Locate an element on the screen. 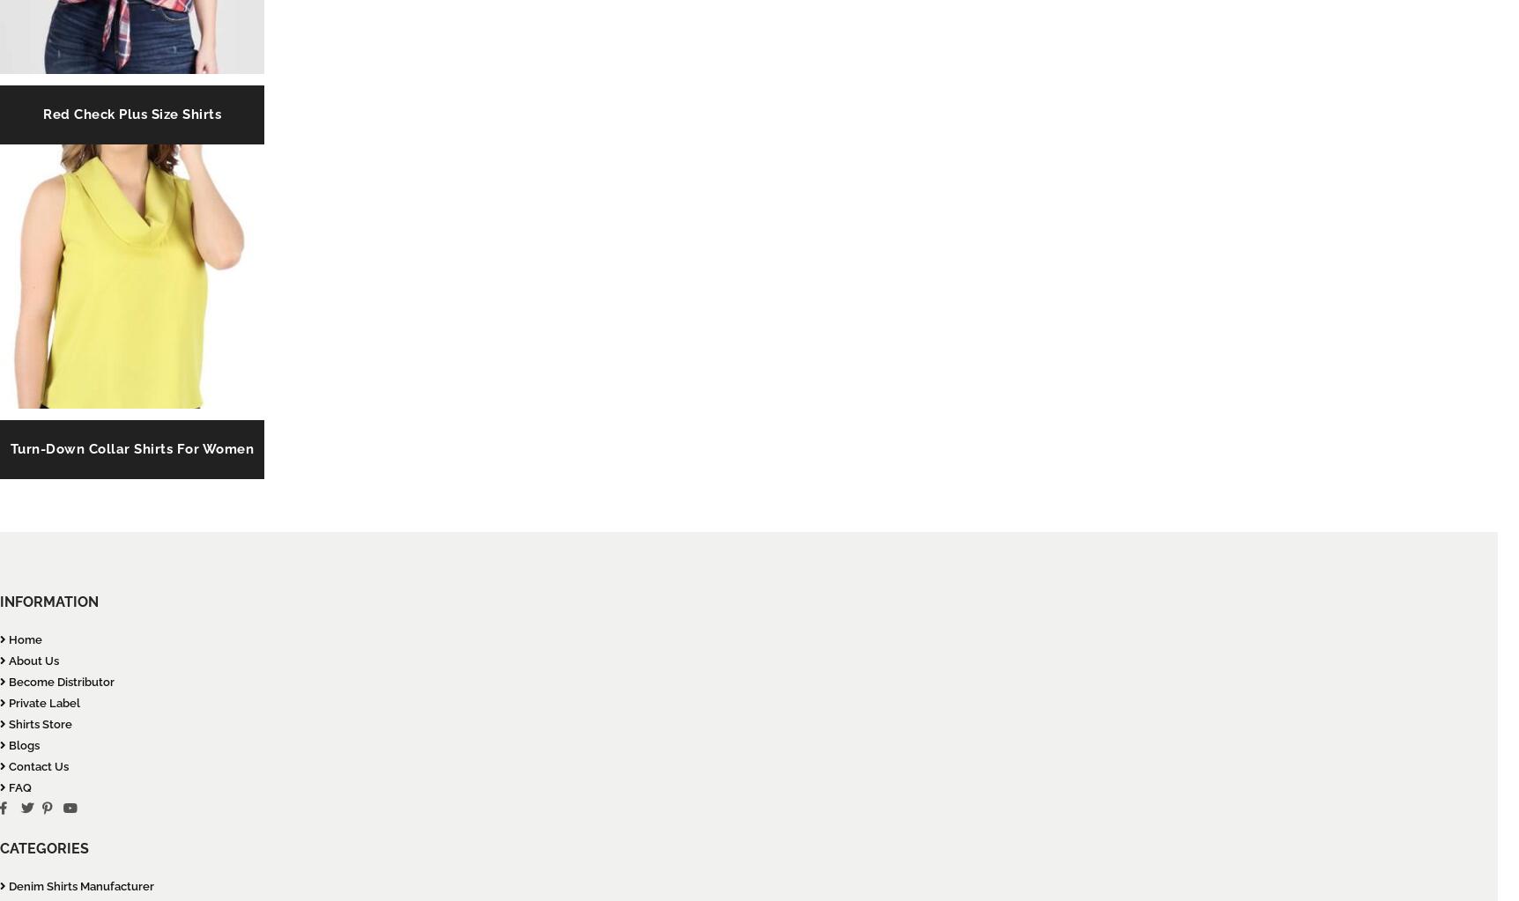 Image resolution: width=1519 pixels, height=901 pixels. 'CATEGORIES' is located at coordinates (44, 848).